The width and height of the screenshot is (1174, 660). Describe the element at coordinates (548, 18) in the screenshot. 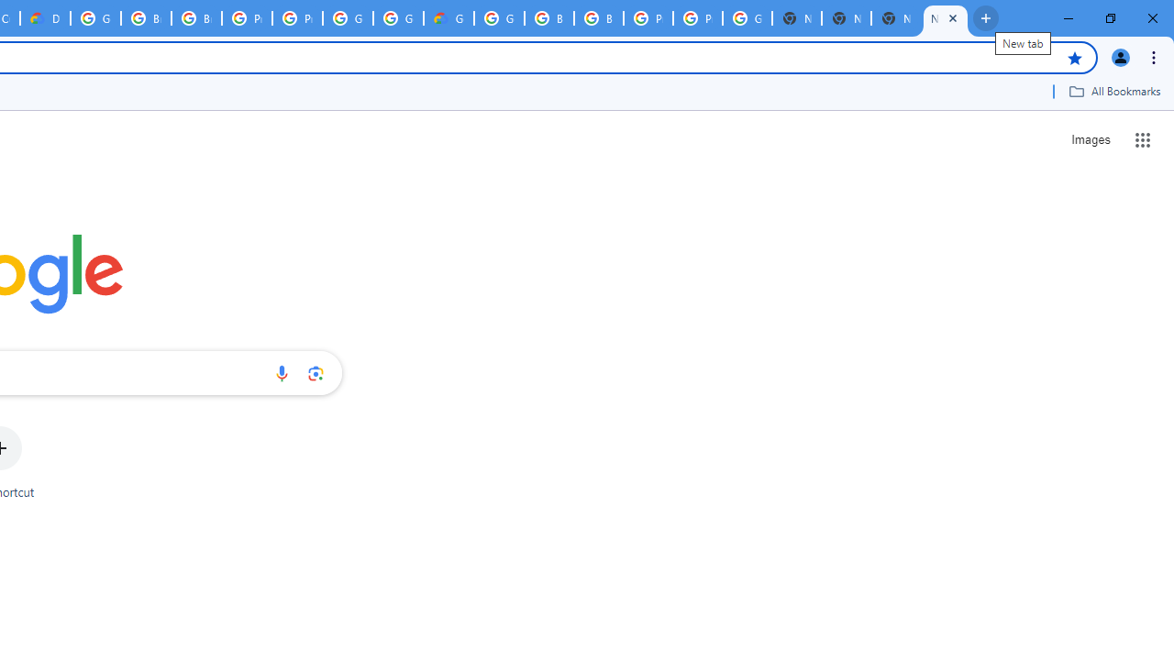

I see `'Browse Chrome as a guest - Computer - Google Chrome Help'` at that location.